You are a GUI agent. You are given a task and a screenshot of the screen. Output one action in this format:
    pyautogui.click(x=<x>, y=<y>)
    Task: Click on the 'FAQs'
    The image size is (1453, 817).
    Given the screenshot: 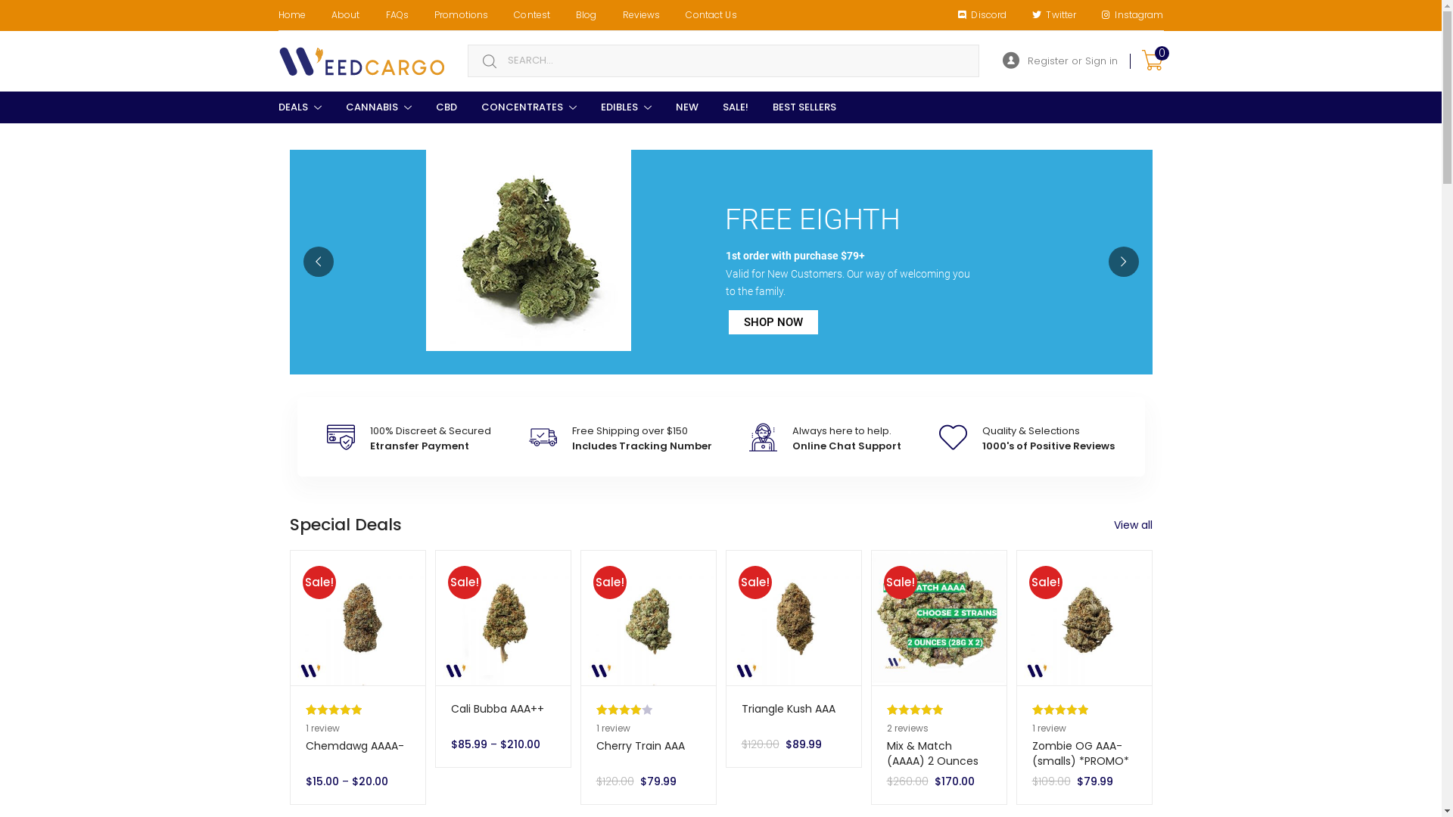 What is the action you would take?
    pyautogui.click(x=397, y=14)
    